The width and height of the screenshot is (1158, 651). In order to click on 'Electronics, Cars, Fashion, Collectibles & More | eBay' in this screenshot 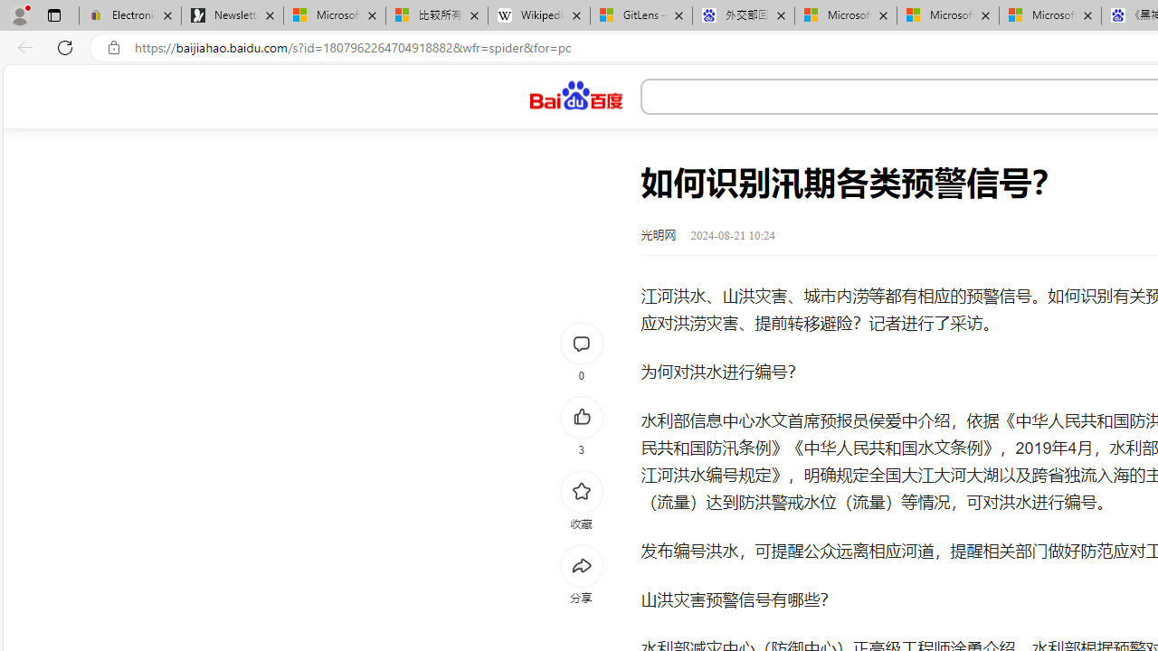, I will do `click(129, 15)`.